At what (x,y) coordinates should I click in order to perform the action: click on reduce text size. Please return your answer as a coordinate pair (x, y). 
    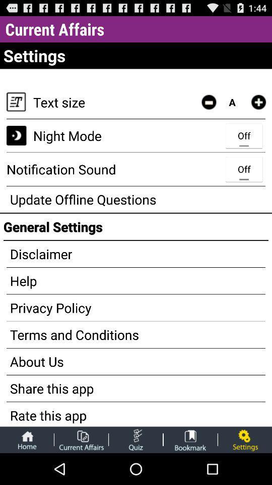
    Looking at the image, I should click on (208, 102).